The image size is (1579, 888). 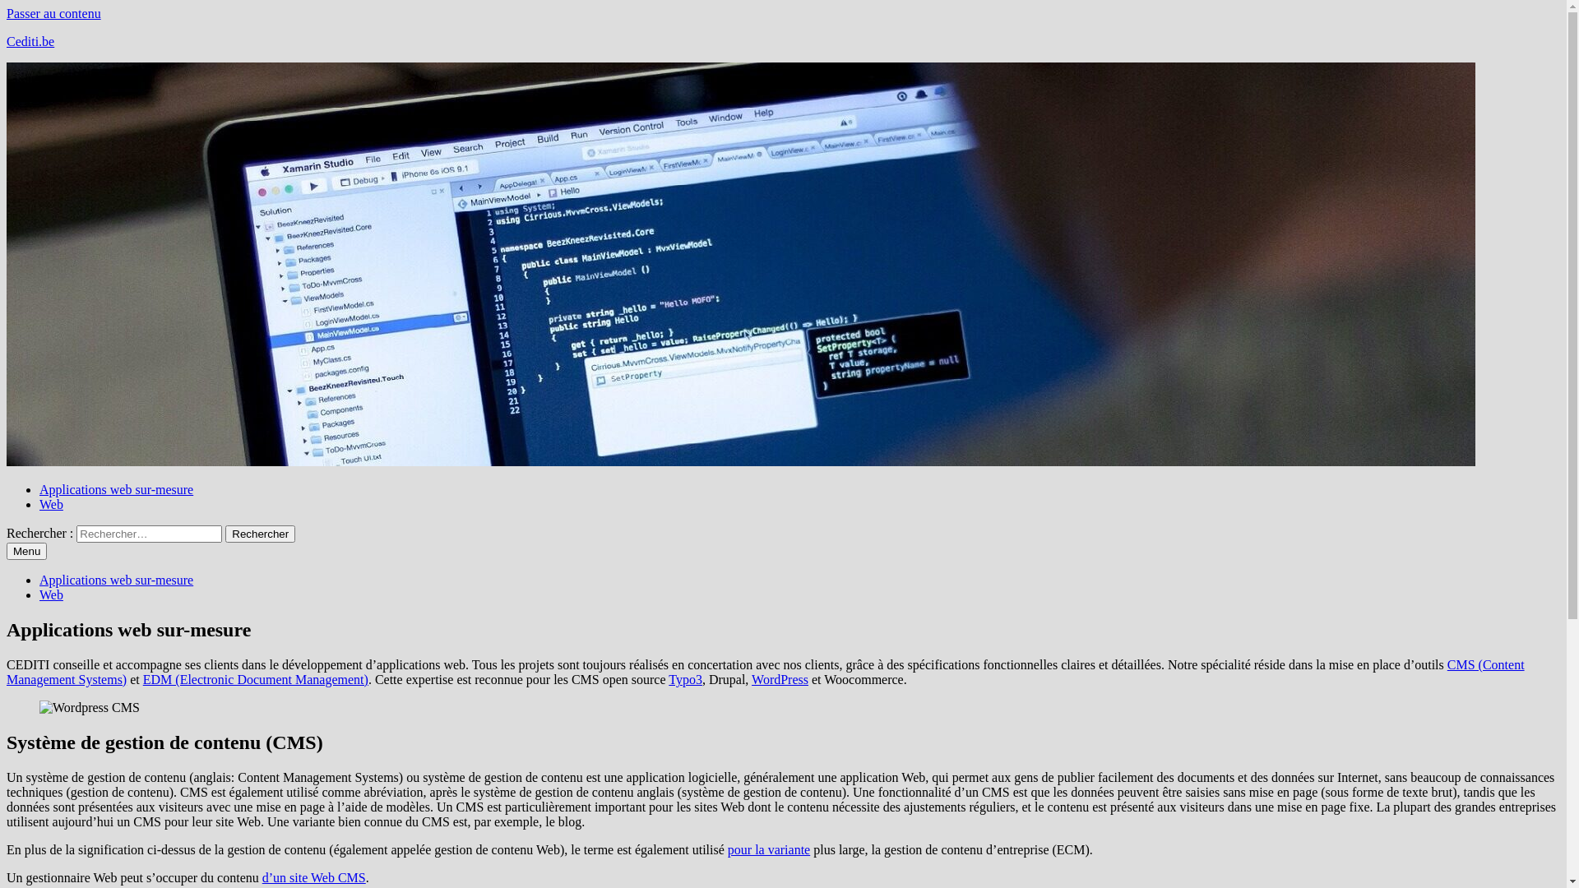 I want to click on 'Applications web sur-mesure', so click(x=115, y=488).